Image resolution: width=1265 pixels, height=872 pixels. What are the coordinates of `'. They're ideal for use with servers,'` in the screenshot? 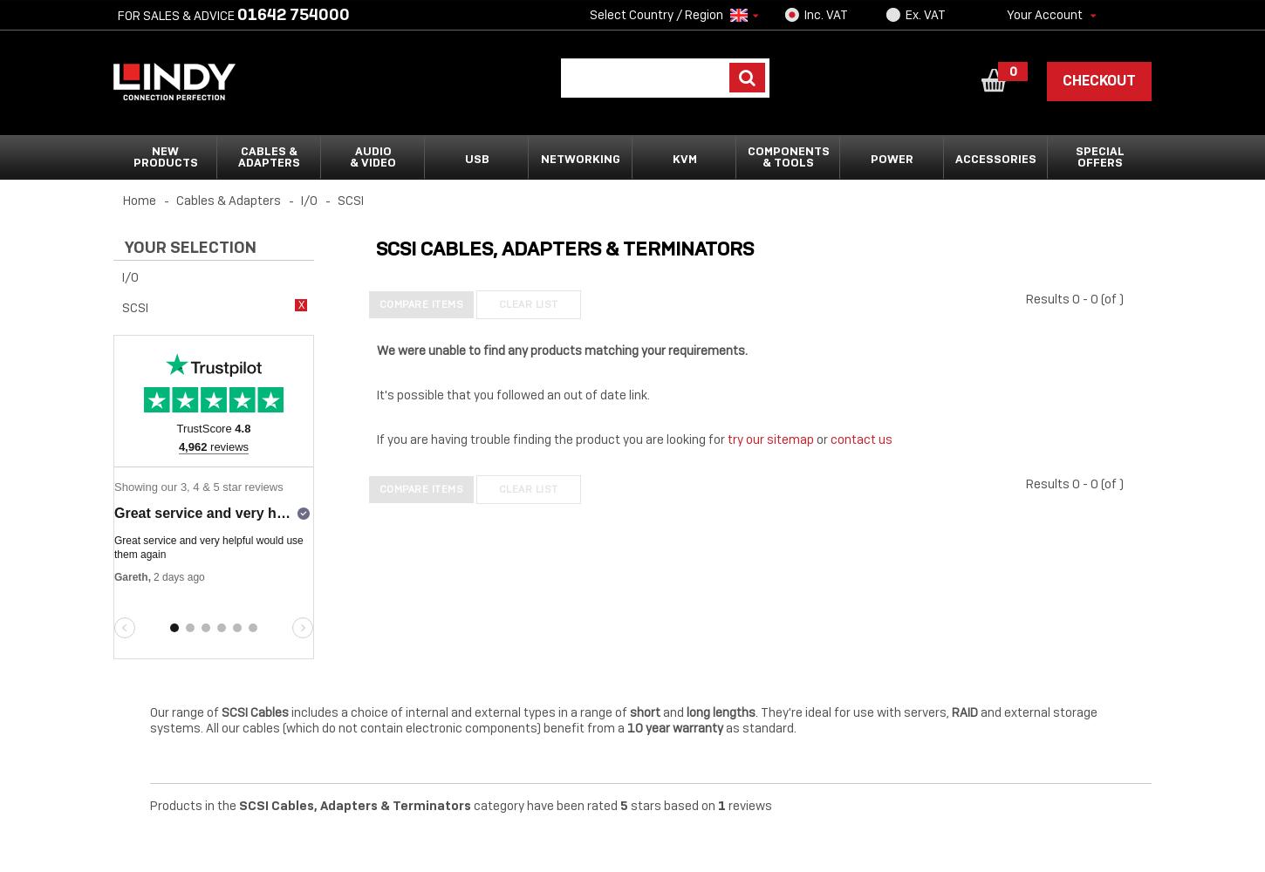 It's located at (853, 712).